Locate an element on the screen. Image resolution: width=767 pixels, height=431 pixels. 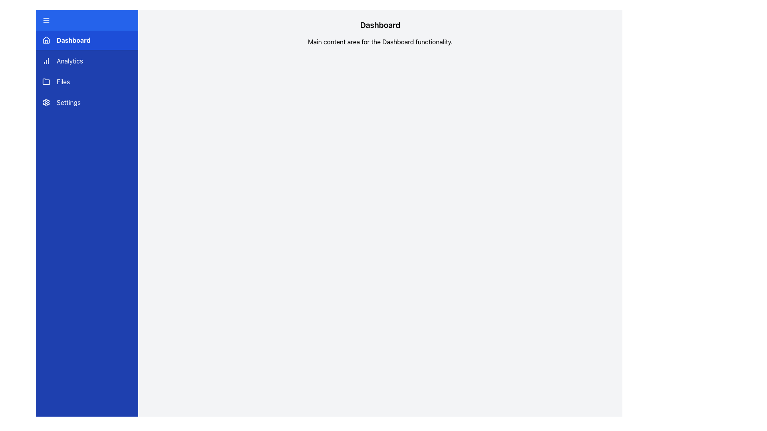
the folder icon in the vertical navigation menu next to the 'Files' text is located at coordinates (46, 81).